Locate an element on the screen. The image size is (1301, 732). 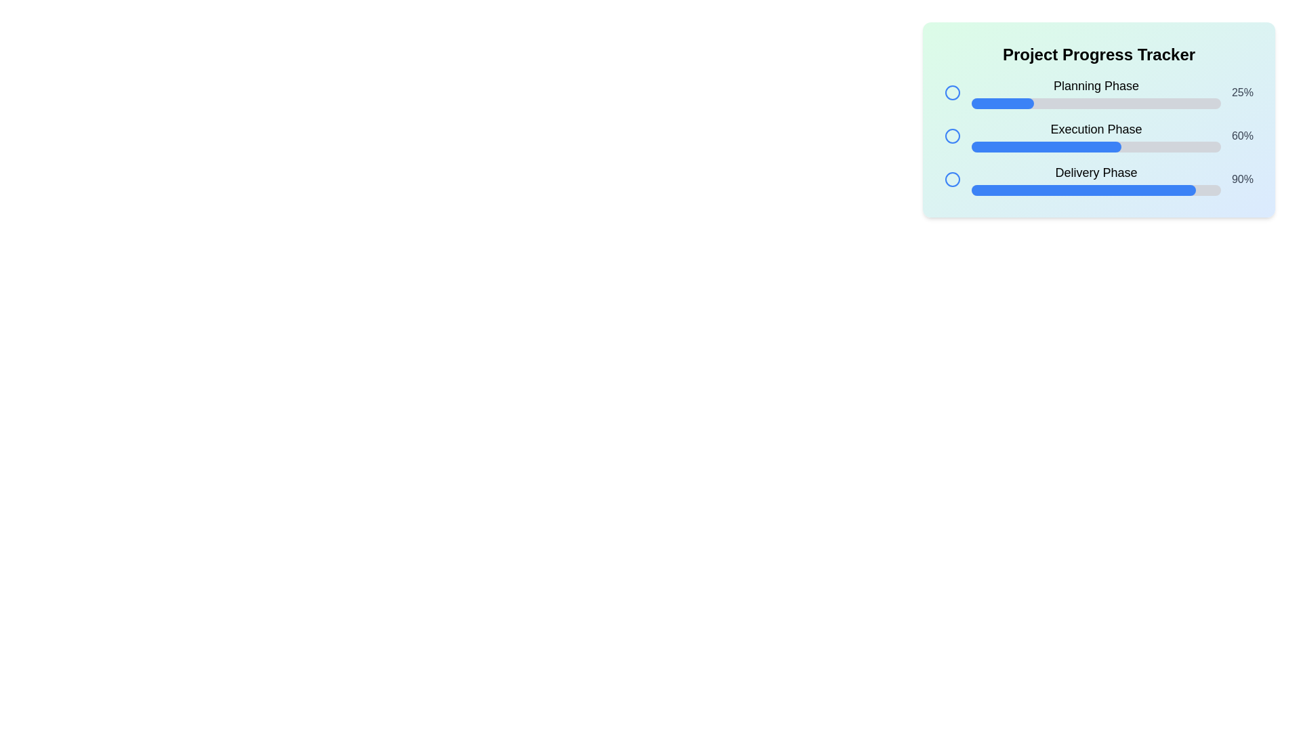
the first circular status indicator icon with a blue outline located in the tracker section, which is to the left of the 'Planning Phase' label is located at coordinates (952, 92).